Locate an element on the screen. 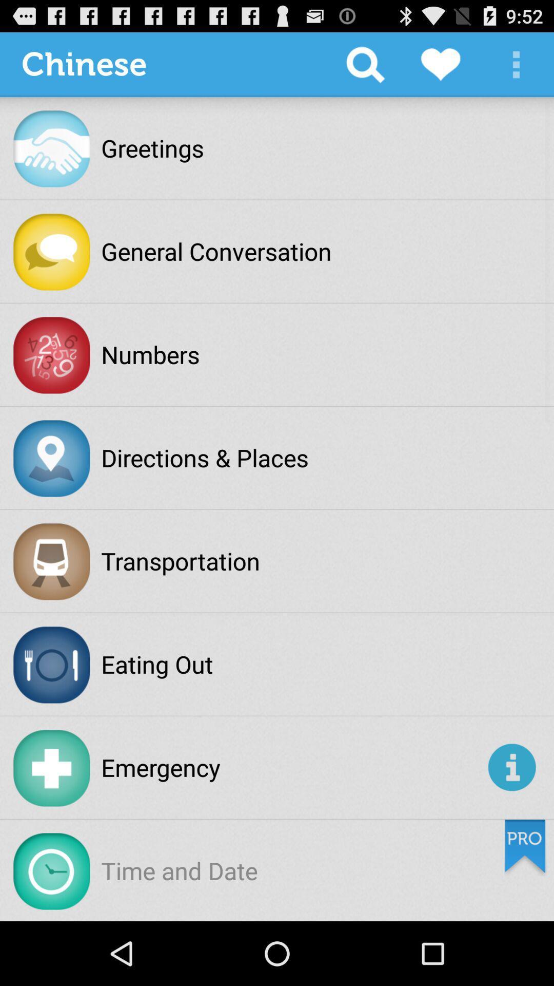 This screenshot has height=986, width=554. the emergency is located at coordinates (292, 767).